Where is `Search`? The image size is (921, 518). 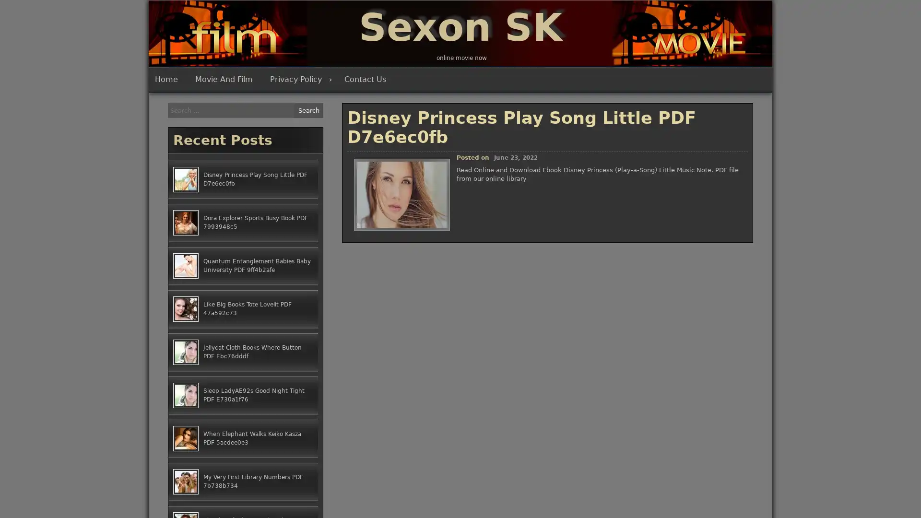
Search is located at coordinates (308, 110).